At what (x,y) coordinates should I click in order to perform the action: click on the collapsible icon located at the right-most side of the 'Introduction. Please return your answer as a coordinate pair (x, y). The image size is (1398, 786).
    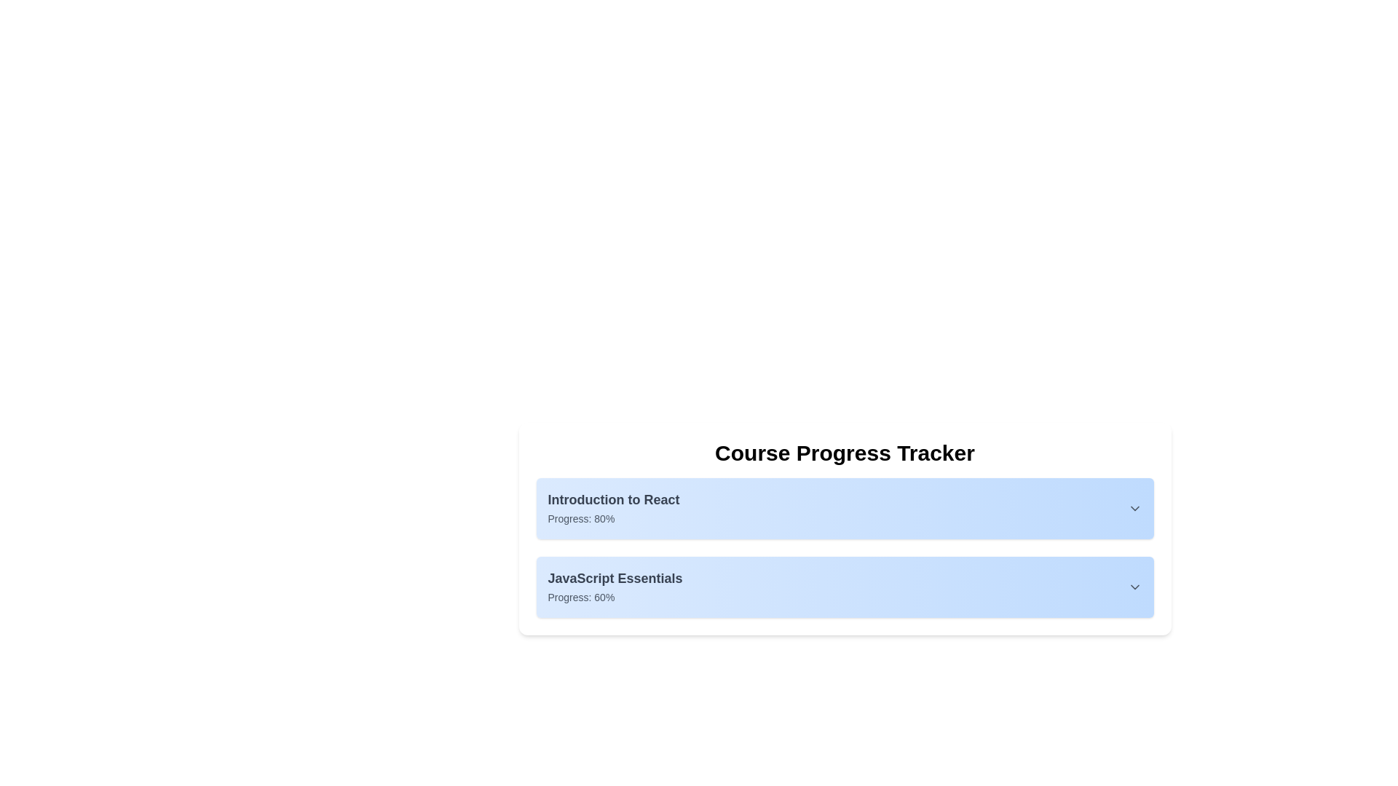
    Looking at the image, I should click on (1134, 507).